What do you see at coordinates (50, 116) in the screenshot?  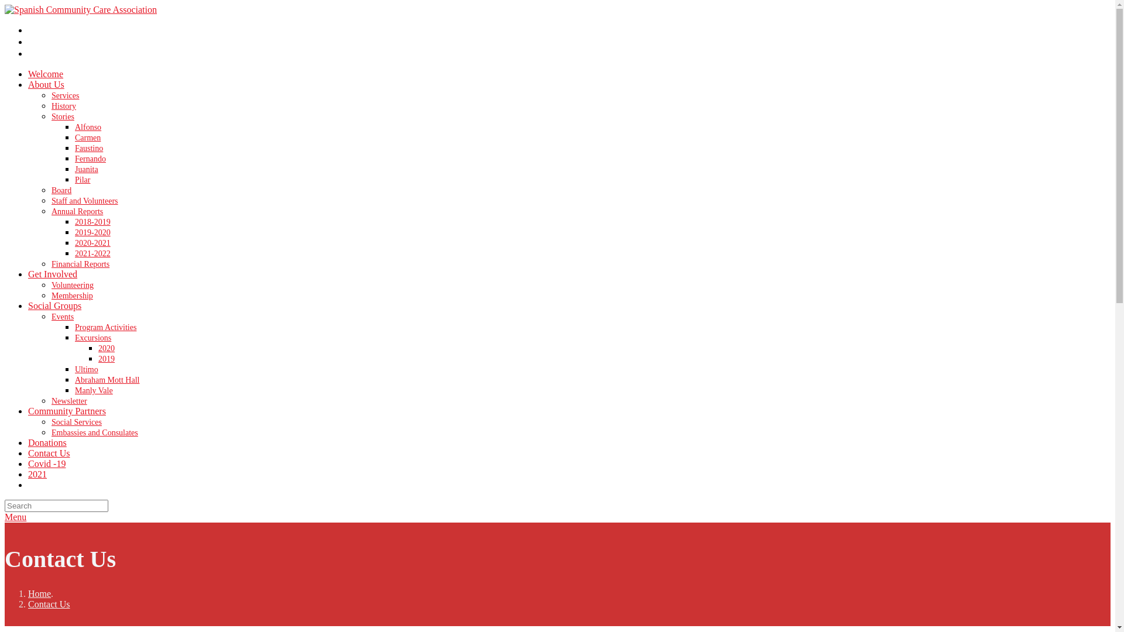 I see `'Stories'` at bounding box center [50, 116].